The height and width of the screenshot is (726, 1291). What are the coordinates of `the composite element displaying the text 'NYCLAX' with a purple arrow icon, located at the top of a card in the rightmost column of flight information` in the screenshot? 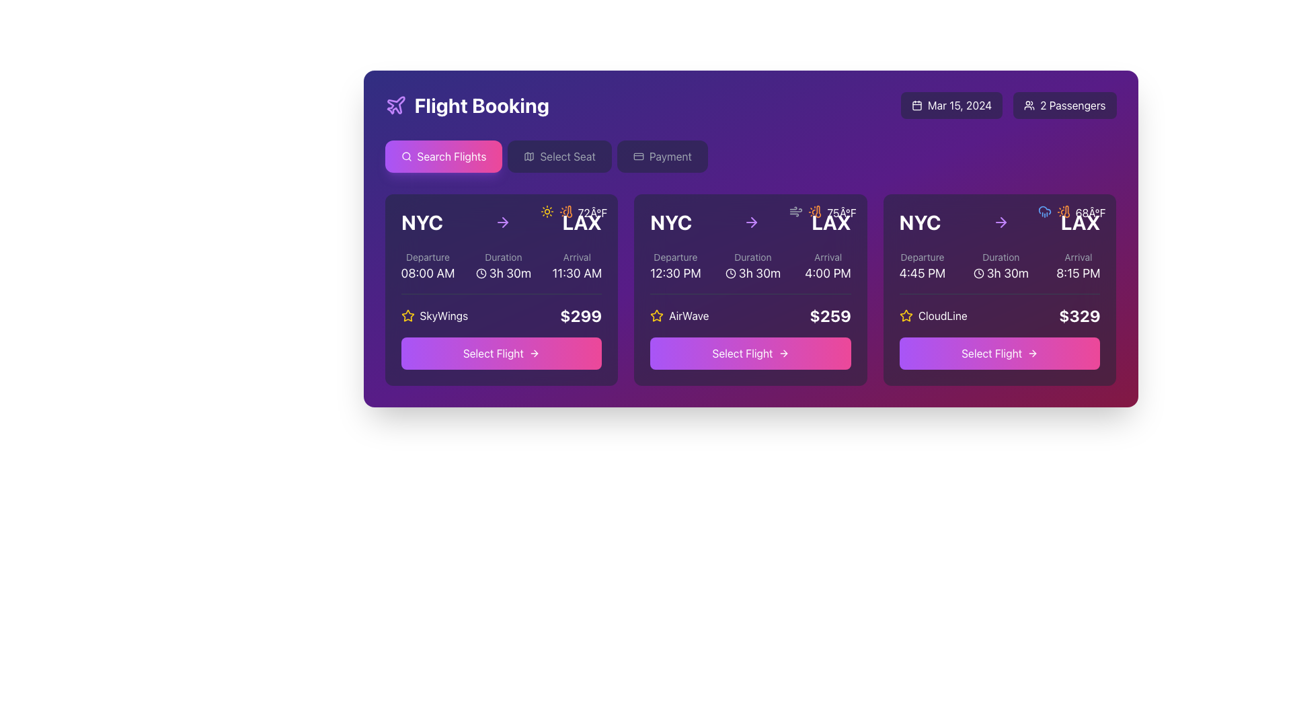 It's located at (1000, 222).